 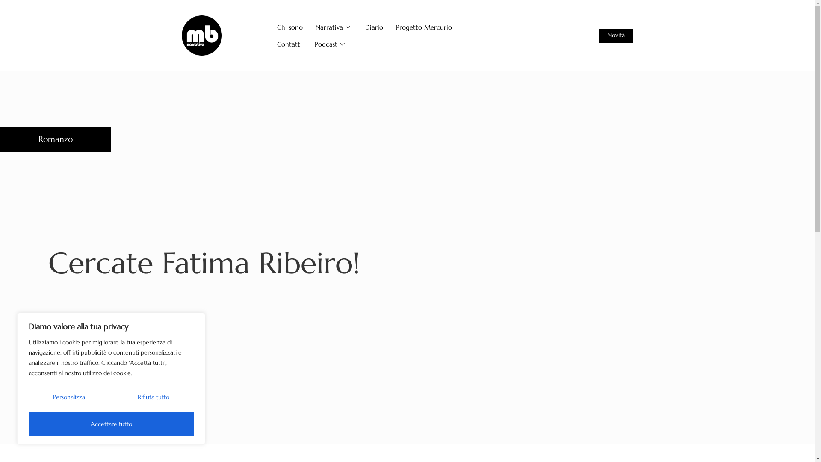 I want to click on 'Contatti', so click(x=289, y=44).